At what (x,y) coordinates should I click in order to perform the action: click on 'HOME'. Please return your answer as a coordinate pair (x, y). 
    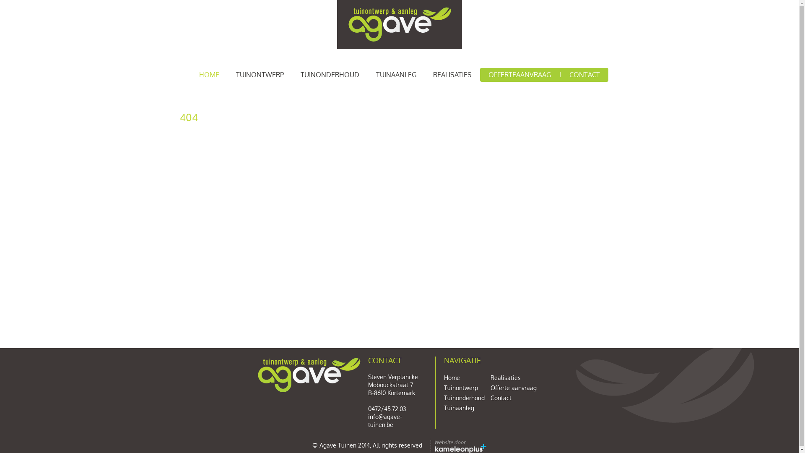
    Looking at the image, I should click on (209, 74).